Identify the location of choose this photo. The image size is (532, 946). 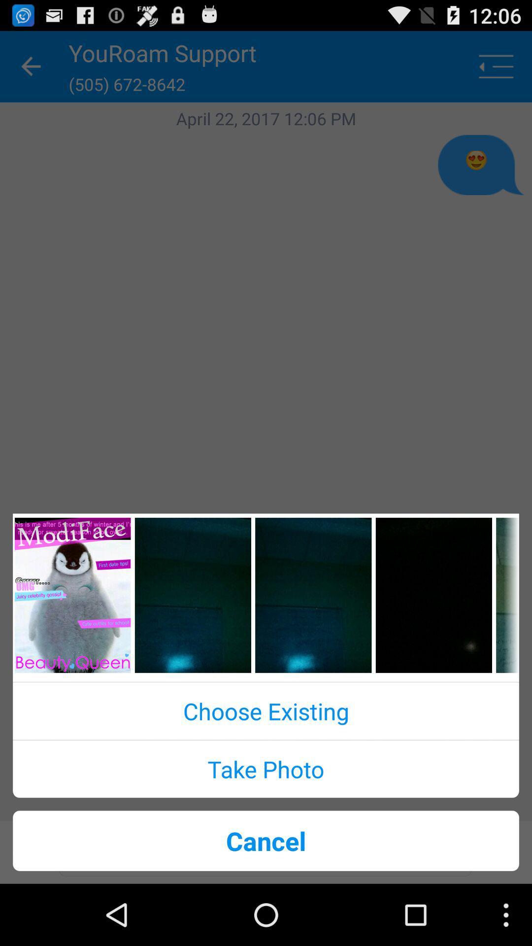
(193, 595).